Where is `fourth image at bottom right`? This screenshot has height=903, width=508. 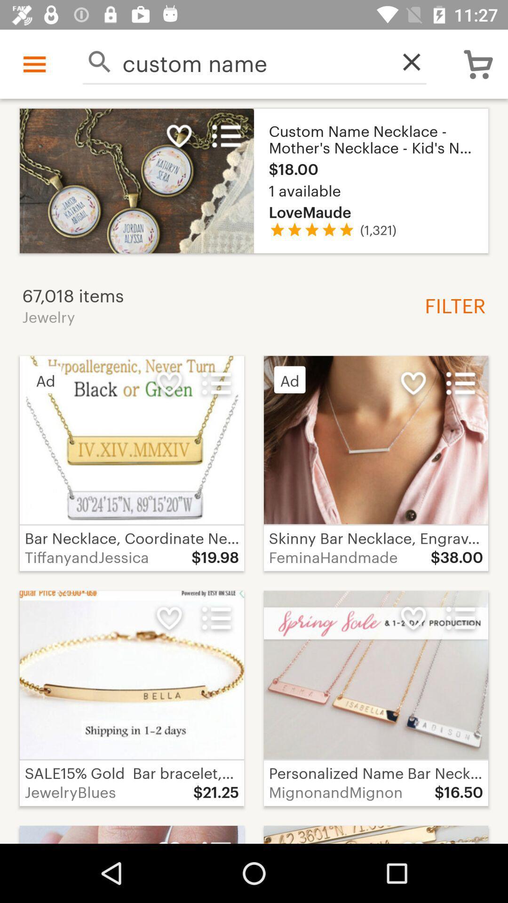 fourth image at bottom right is located at coordinates (375, 698).